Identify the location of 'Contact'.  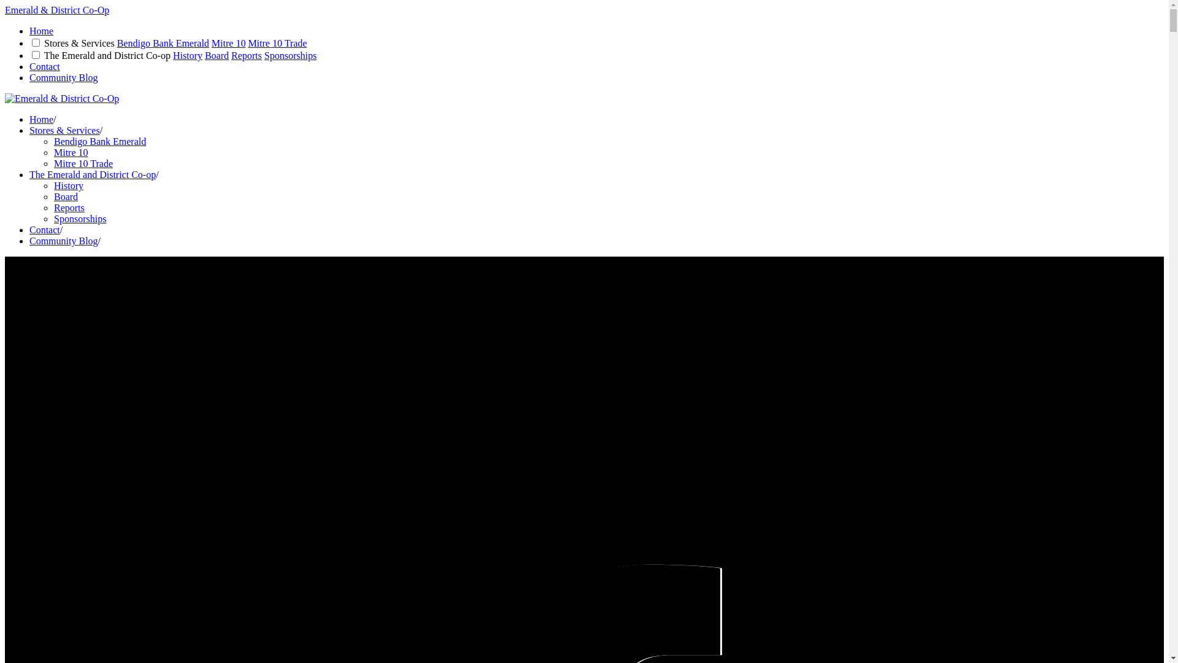
(44, 66).